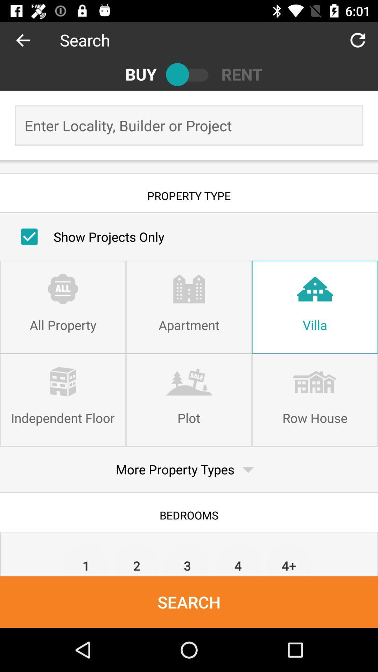 The image size is (378, 672). I want to click on the 3, so click(187, 559).